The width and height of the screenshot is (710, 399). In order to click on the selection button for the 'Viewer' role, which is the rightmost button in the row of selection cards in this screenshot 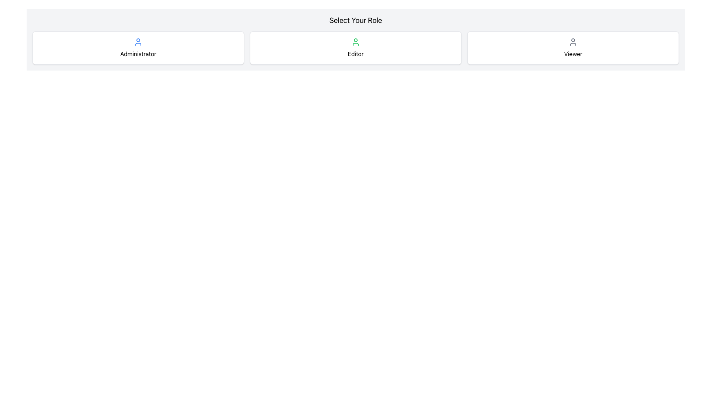, I will do `click(573, 48)`.